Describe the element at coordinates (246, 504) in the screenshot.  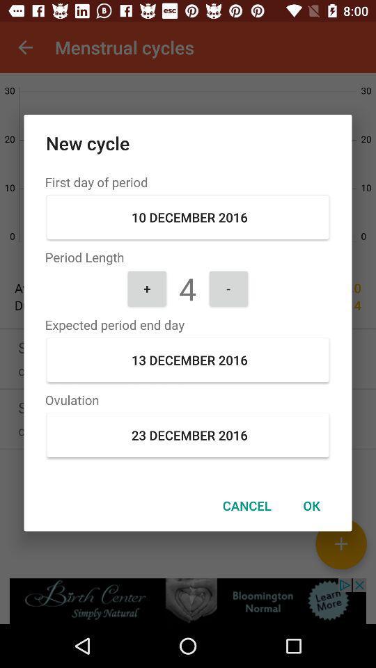
I see `the cancel item` at that location.